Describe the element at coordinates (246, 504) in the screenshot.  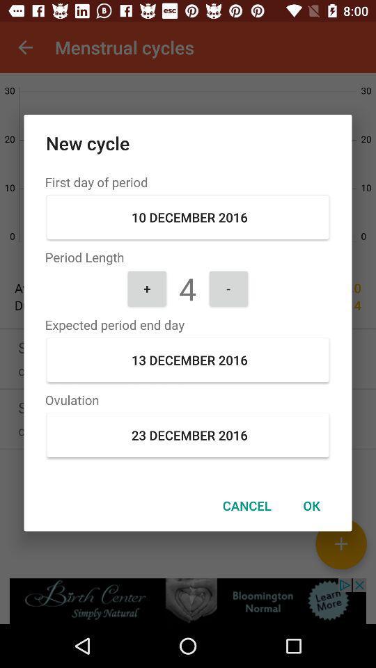
I see `the cancel item` at that location.